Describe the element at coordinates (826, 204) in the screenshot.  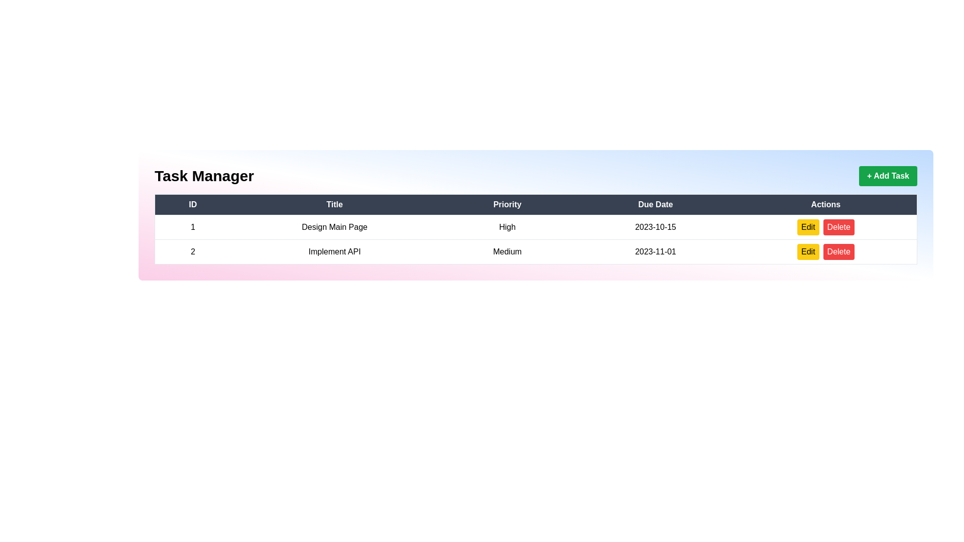
I see `the 'Actions' header text element, which is the fifth column header in the row of headers, following the 'Due Date' header` at that location.